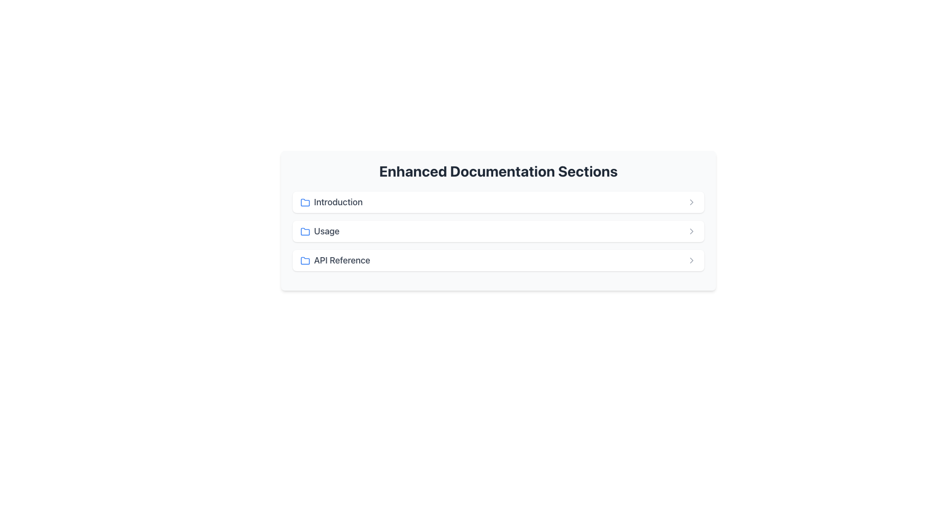  I want to click on the chevron icon located at the far right of the 'API Reference' row in the navigation list, indicating expandable content, so click(691, 231).